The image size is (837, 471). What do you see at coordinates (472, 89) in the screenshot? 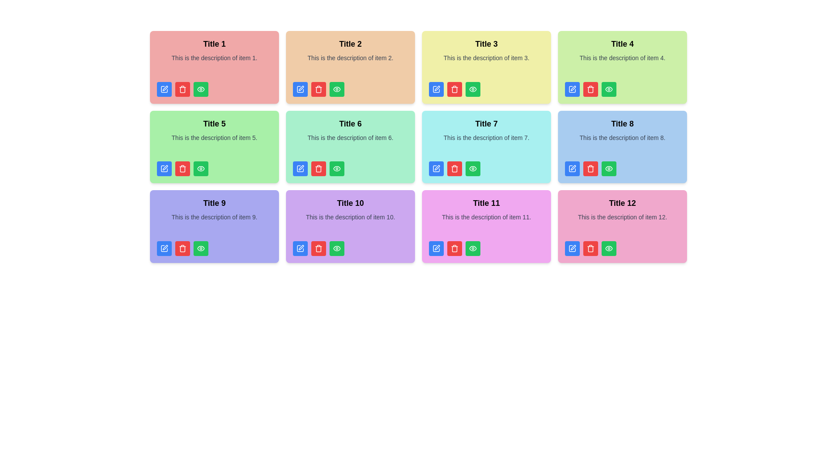
I see `the eye icon within the green button located in the third card titled 'Title 3' of the top row` at bounding box center [472, 89].